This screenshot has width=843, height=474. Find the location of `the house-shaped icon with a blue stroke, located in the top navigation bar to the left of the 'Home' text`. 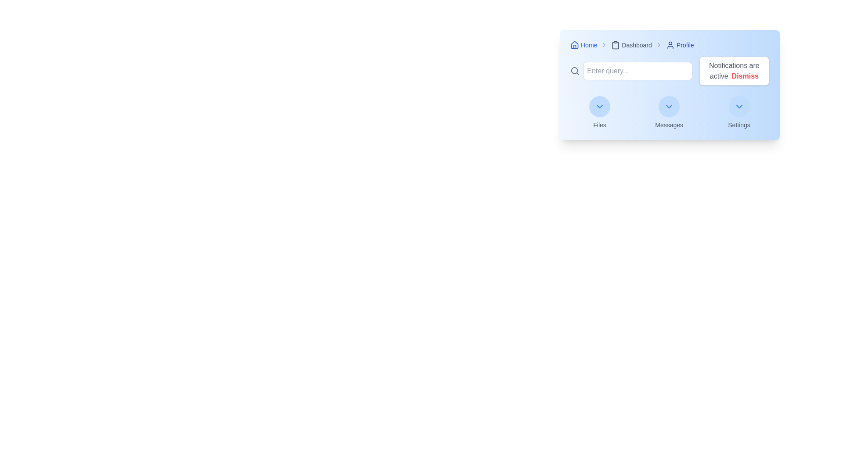

the house-shaped icon with a blue stroke, located in the top navigation bar to the left of the 'Home' text is located at coordinates (575, 45).